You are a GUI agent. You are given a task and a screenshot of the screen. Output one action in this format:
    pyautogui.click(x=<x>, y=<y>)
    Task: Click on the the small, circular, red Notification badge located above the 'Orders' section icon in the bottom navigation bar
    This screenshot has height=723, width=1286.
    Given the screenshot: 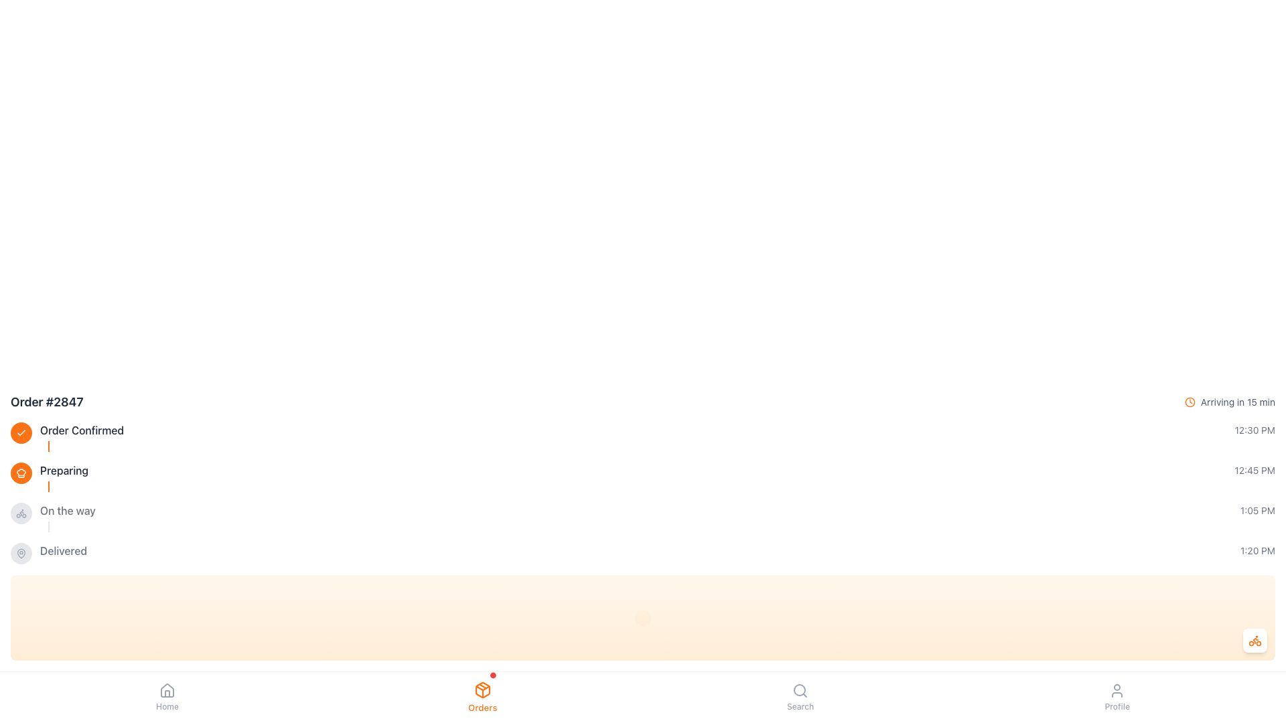 What is the action you would take?
    pyautogui.click(x=492, y=675)
    